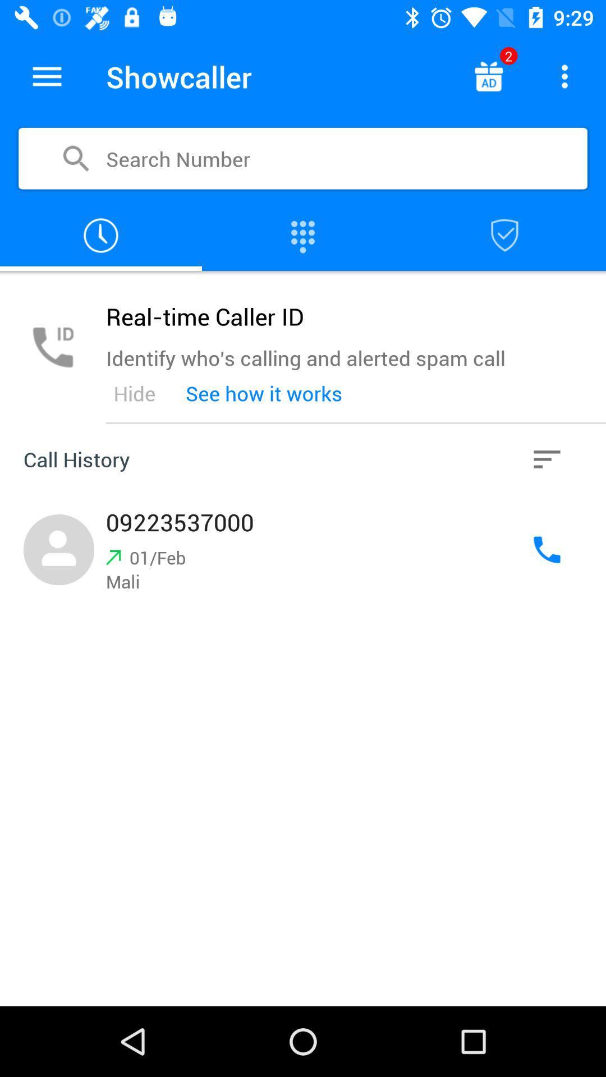 The image size is (606, 1077). What do you see at coordinates (547, 550) in the screenshot?
I see `call us` at bounding box center [547, 550].